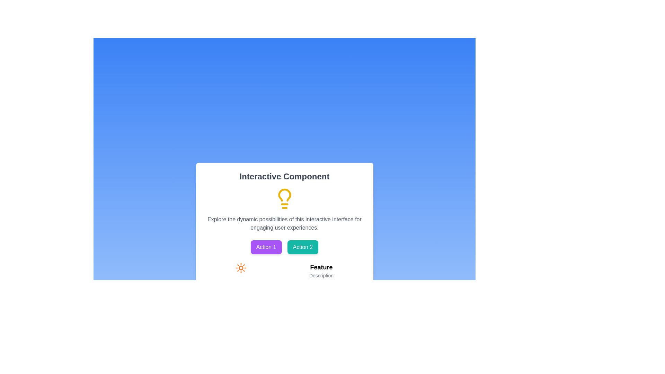 This screenshot has width=665, height=374. Describe the element at coordinates (321, 275) in the screenshot. I see `the text label displaying 'Description', which is positioned directly below 'Feature' in the bottom-right section of the card-like interface` at that location.